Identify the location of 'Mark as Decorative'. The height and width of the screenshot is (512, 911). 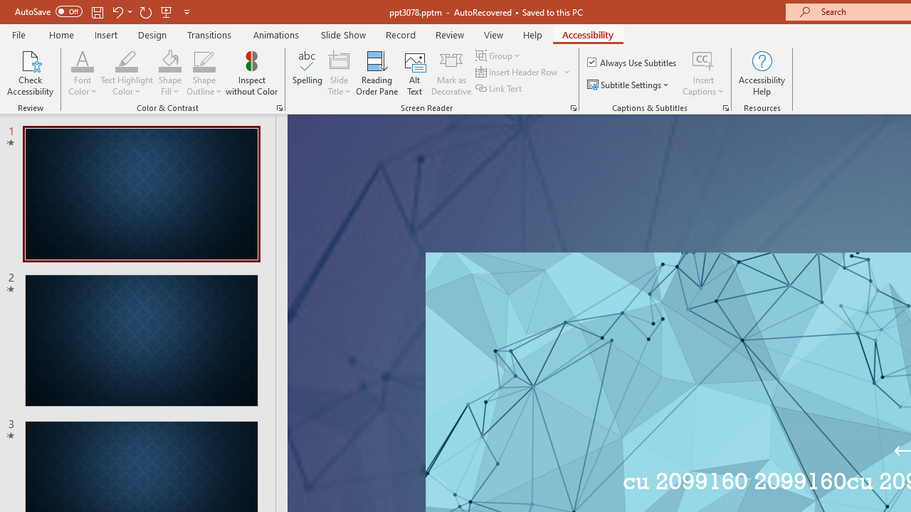
(451, 73).